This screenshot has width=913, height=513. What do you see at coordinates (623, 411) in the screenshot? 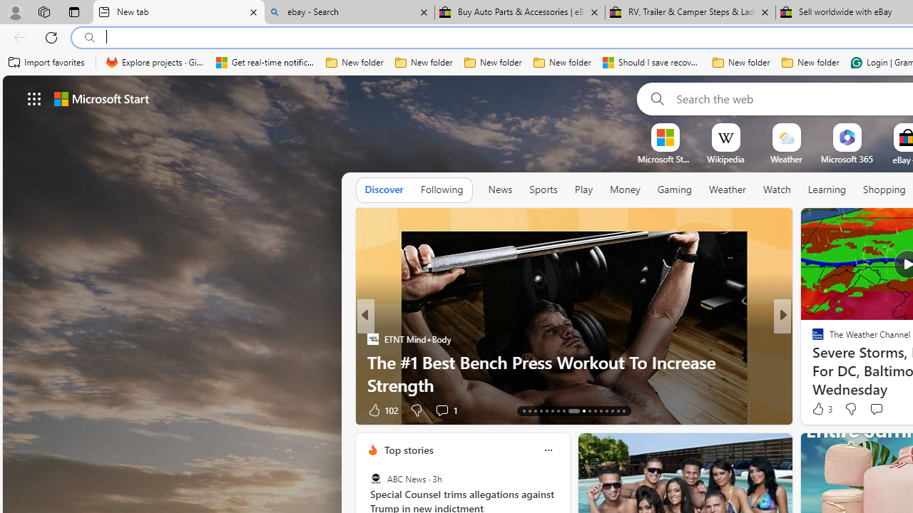
I see `'AutomationID: tab-29'` at bounding box center [623, 411].